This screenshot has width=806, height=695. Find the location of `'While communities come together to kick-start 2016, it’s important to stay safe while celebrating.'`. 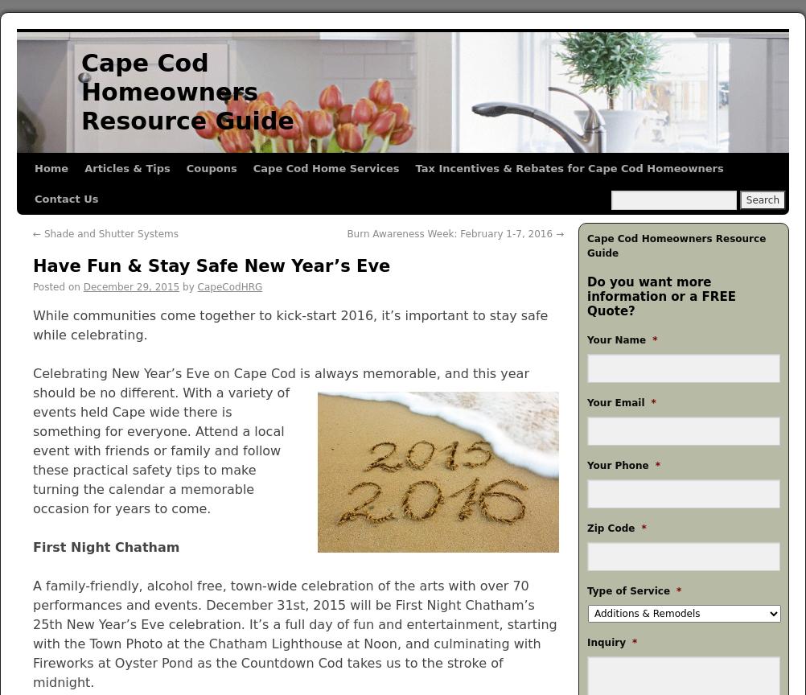

'While communities come together to kick-start 2016, it’s important to stay safe while celebrating.' is located at coordinates (290, 324).